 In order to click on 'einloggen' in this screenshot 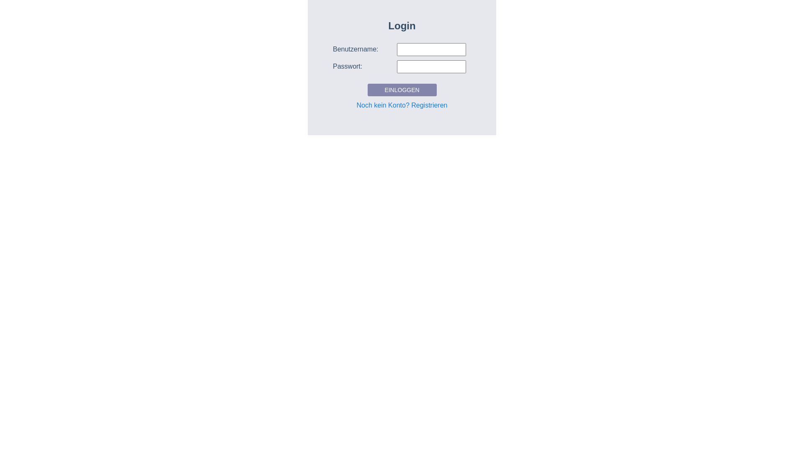, I will do `click(368, 90)`.